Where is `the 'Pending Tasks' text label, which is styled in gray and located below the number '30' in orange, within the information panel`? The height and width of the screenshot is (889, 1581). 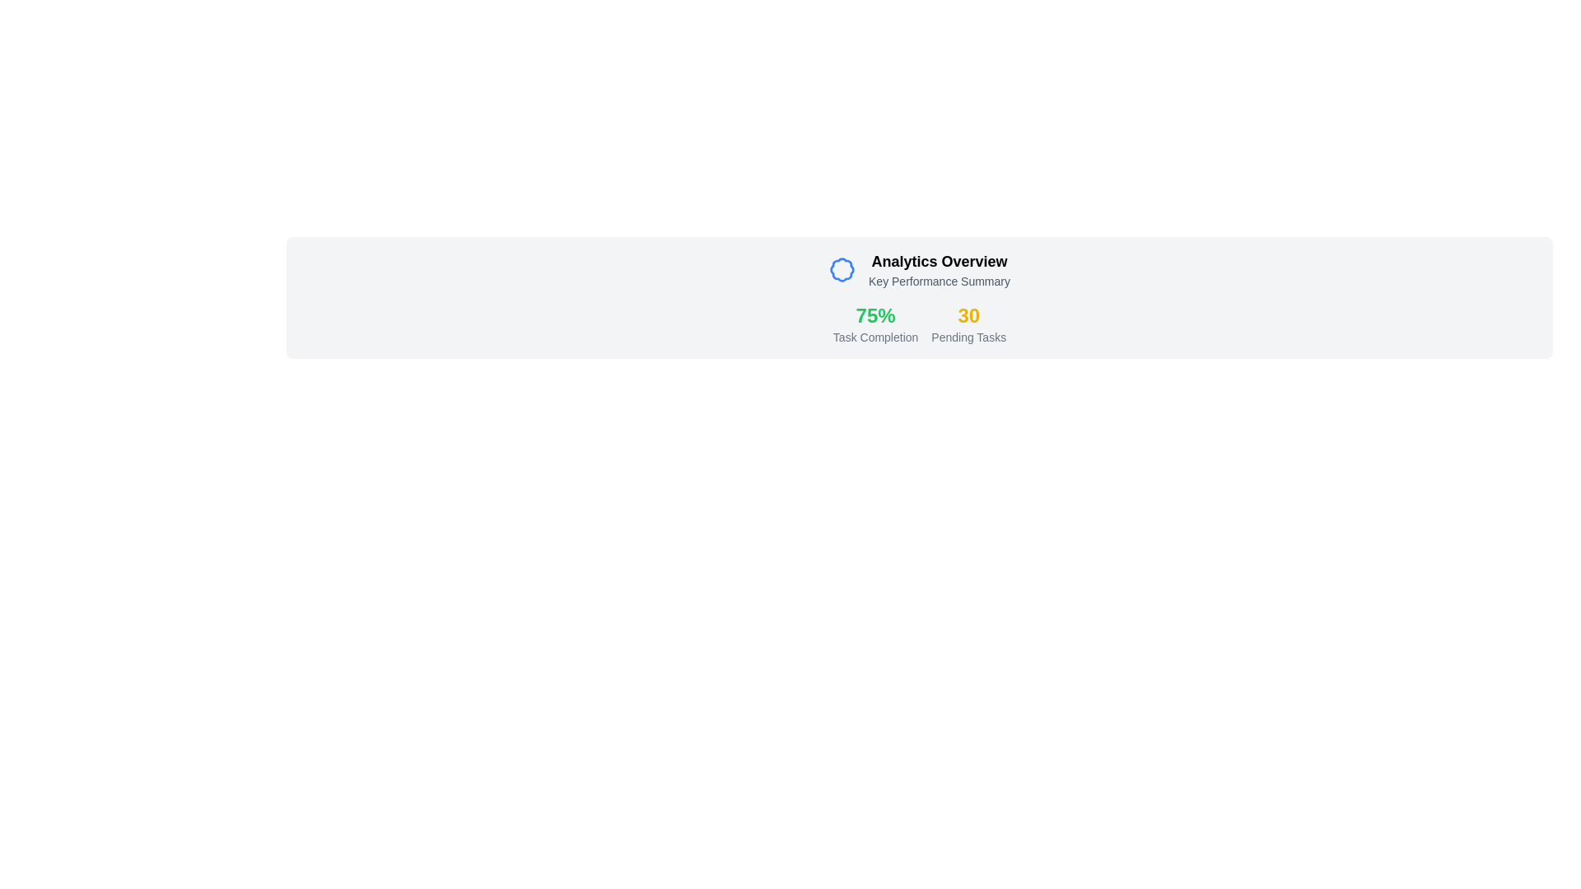 the 'Pending Tasks' text label, which is styled in gray and located below the number '30' in orange, within the information panel is located at coordinates (968, 336).